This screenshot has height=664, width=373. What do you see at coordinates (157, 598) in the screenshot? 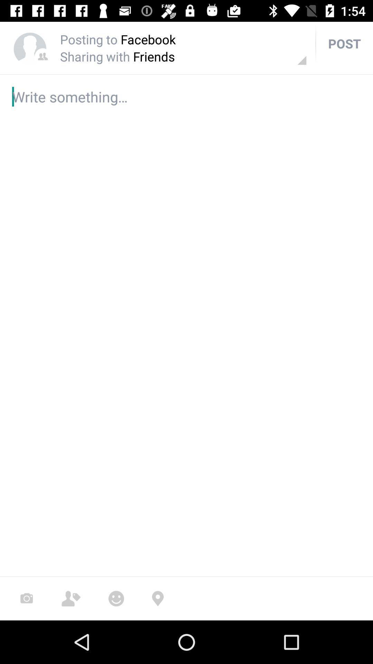
I see `the location icon` at bounding box center [157, 598].